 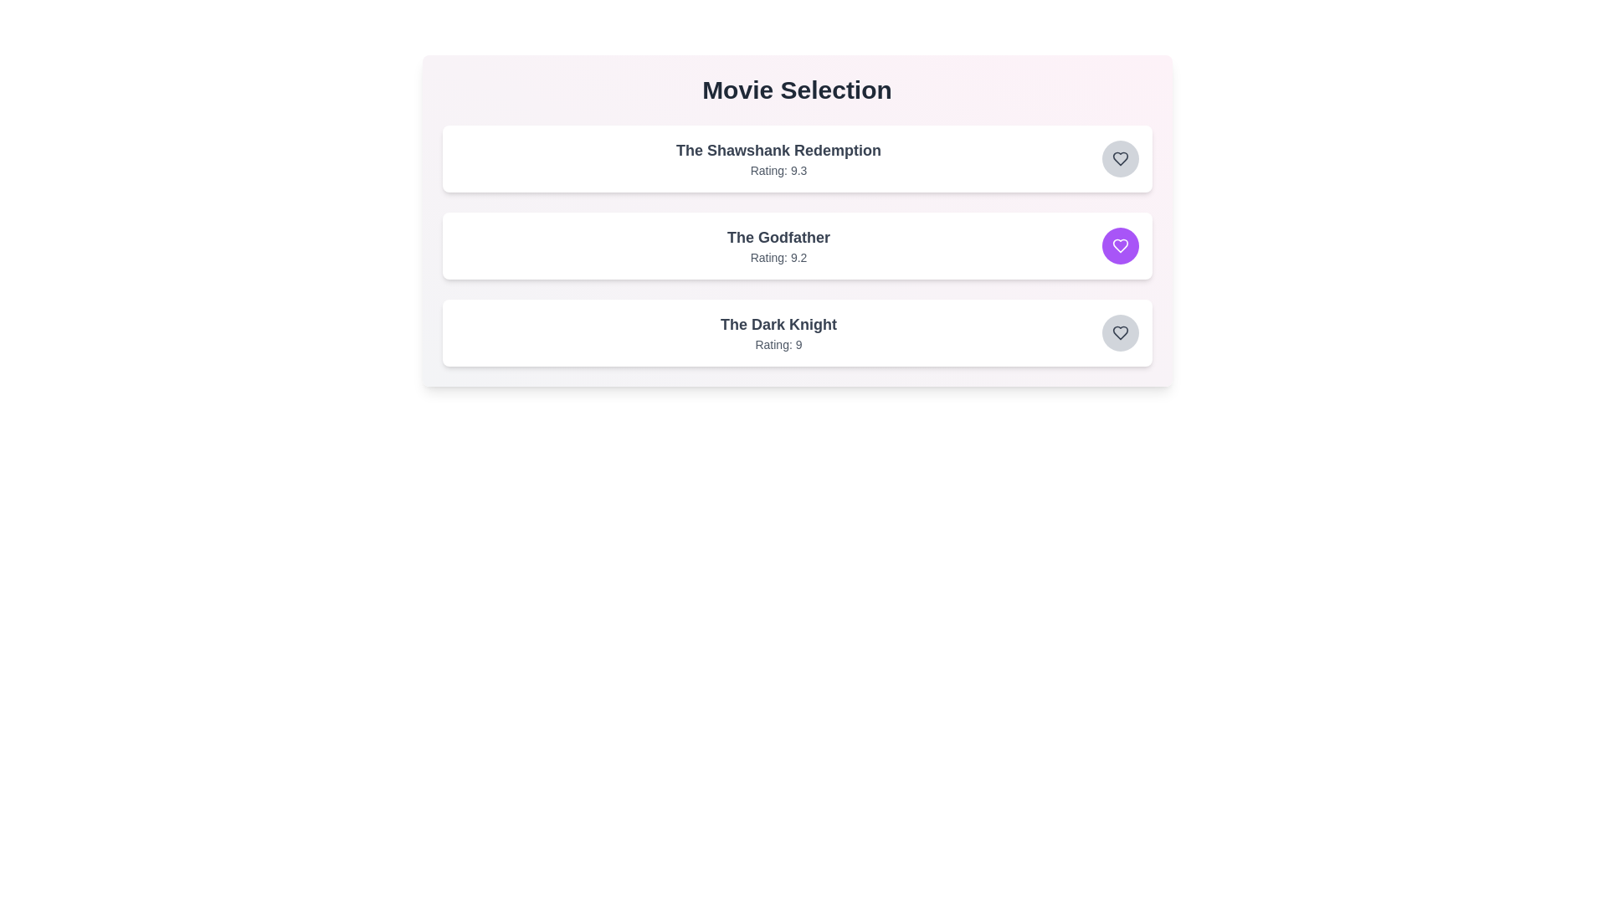 I want to click on the list item with title The Shawshank Redemption, so click(x=778, y=151).